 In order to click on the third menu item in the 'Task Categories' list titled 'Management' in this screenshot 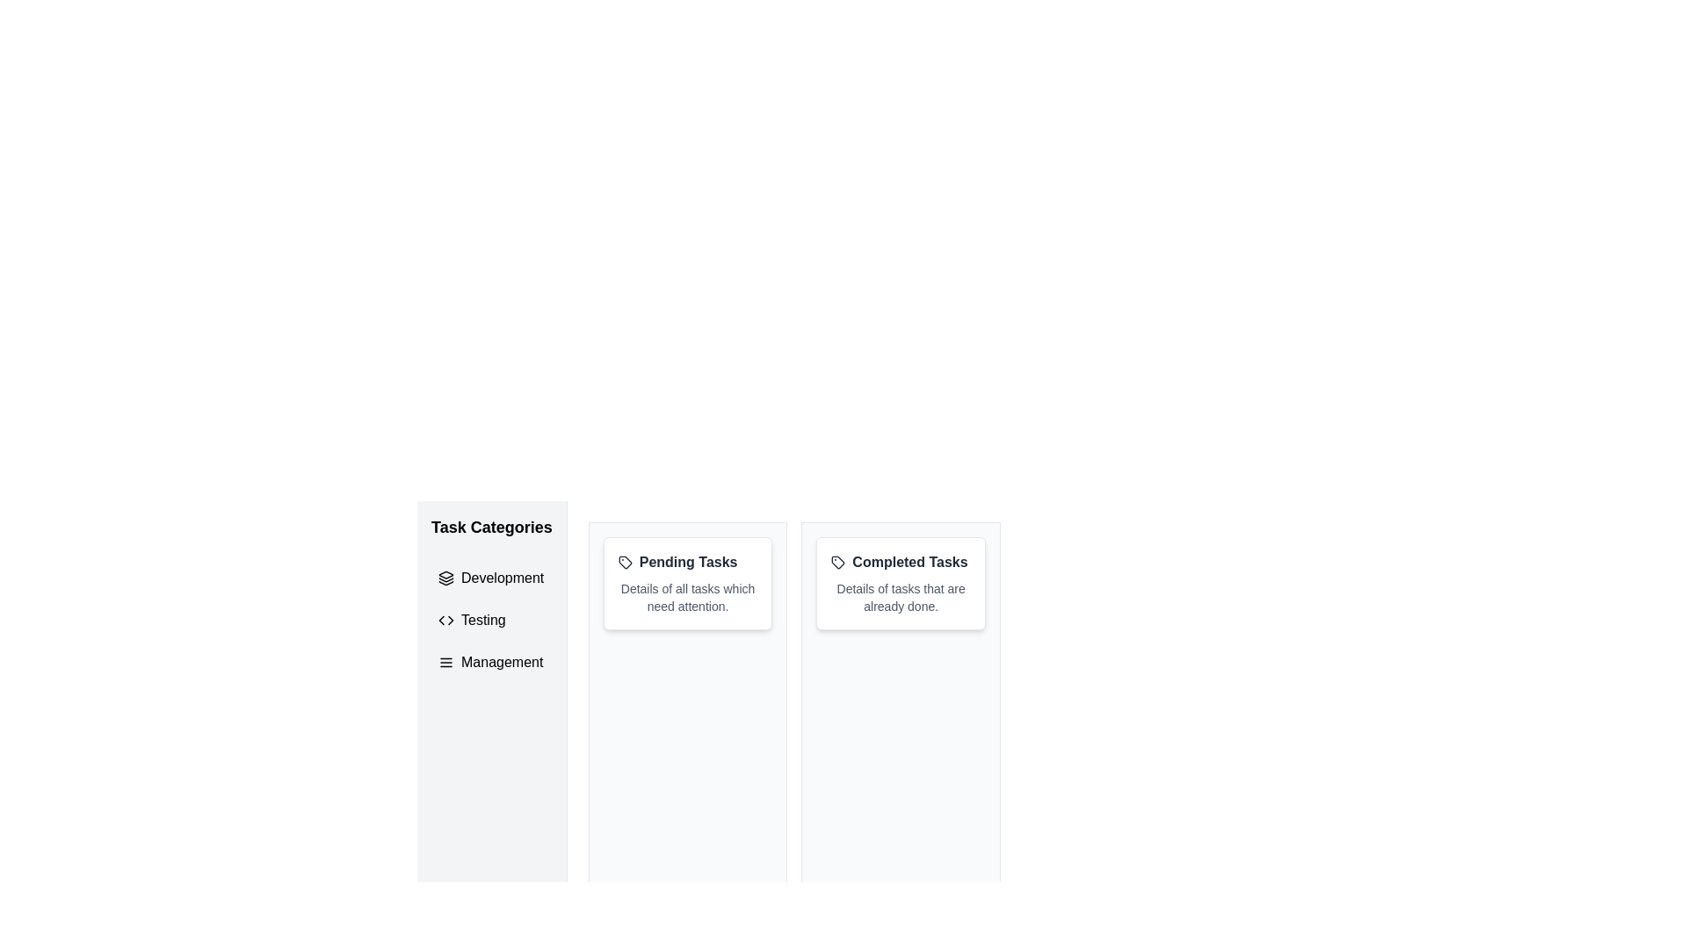, I will do `click(491, 663)`.